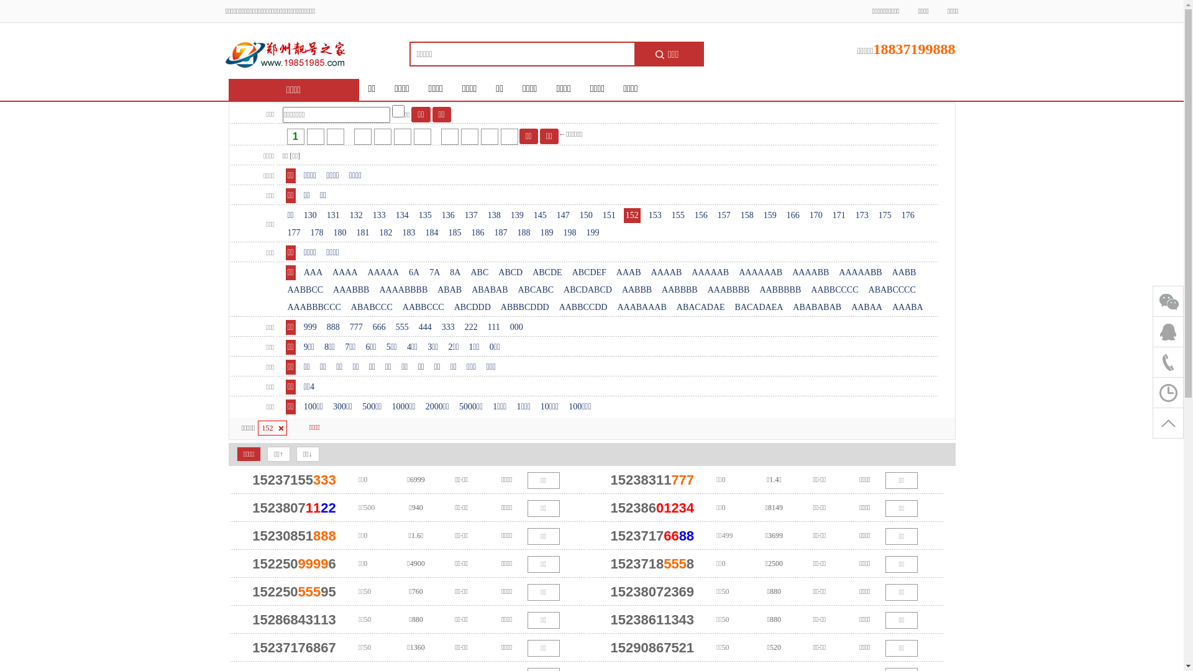 The image size is (1193, 671). What do you see at coordinates (305, 290) in the screenshot?
I see `'AABBCC'` at bounding box center [305, 290].